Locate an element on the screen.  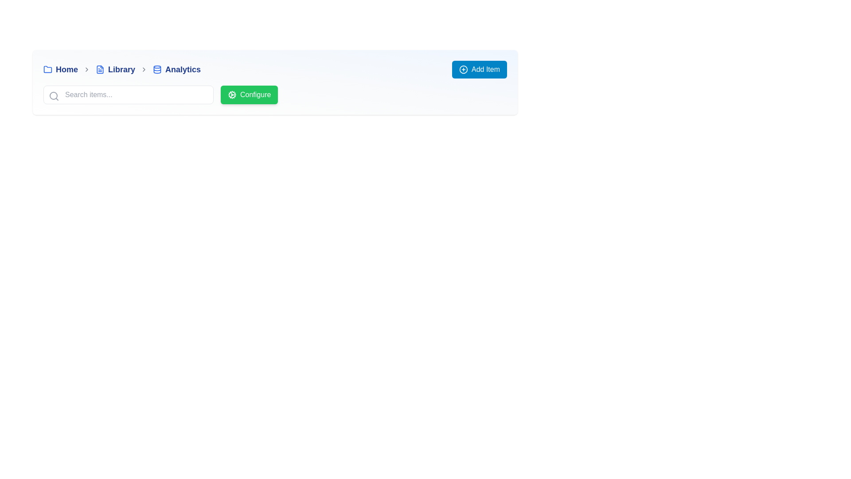
the Breadcrumb navigation item labeled 'Analytics', which features a database icon and is the third item in the breadcrumb trail is located at coordinates (176, 69).